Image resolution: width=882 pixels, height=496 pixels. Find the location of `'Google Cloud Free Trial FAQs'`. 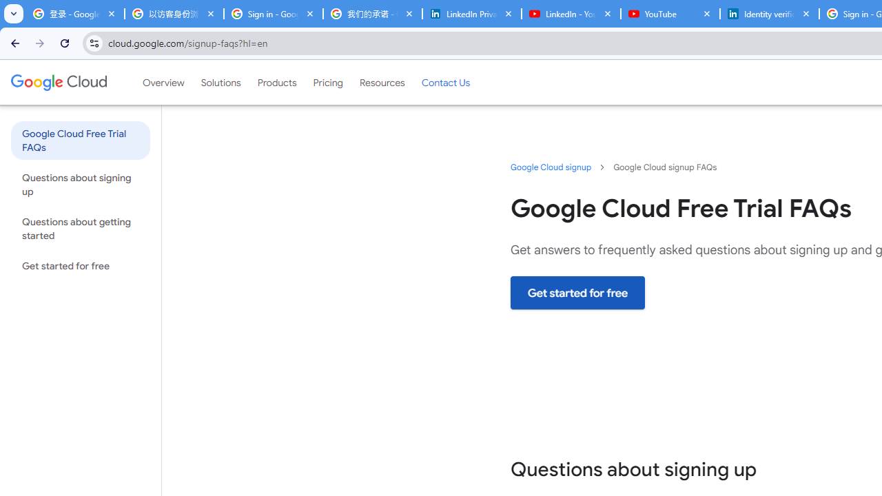

'Google Cloud Free Trial FAQs' is located at coordinates (79, 140).